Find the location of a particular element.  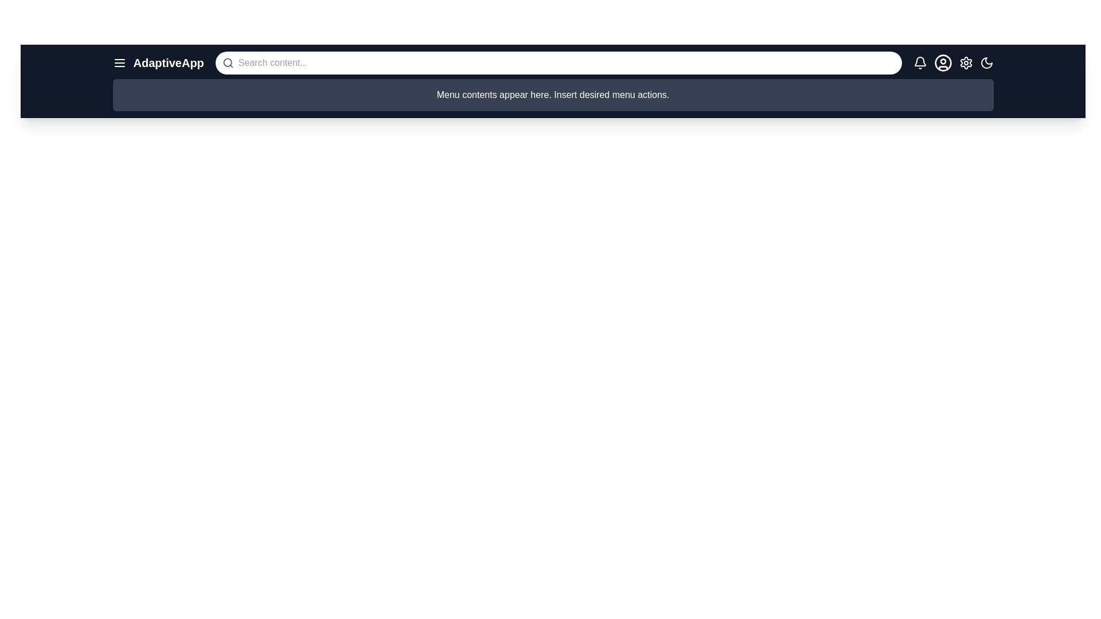

the settings icon is located at coordinates (965, 63).